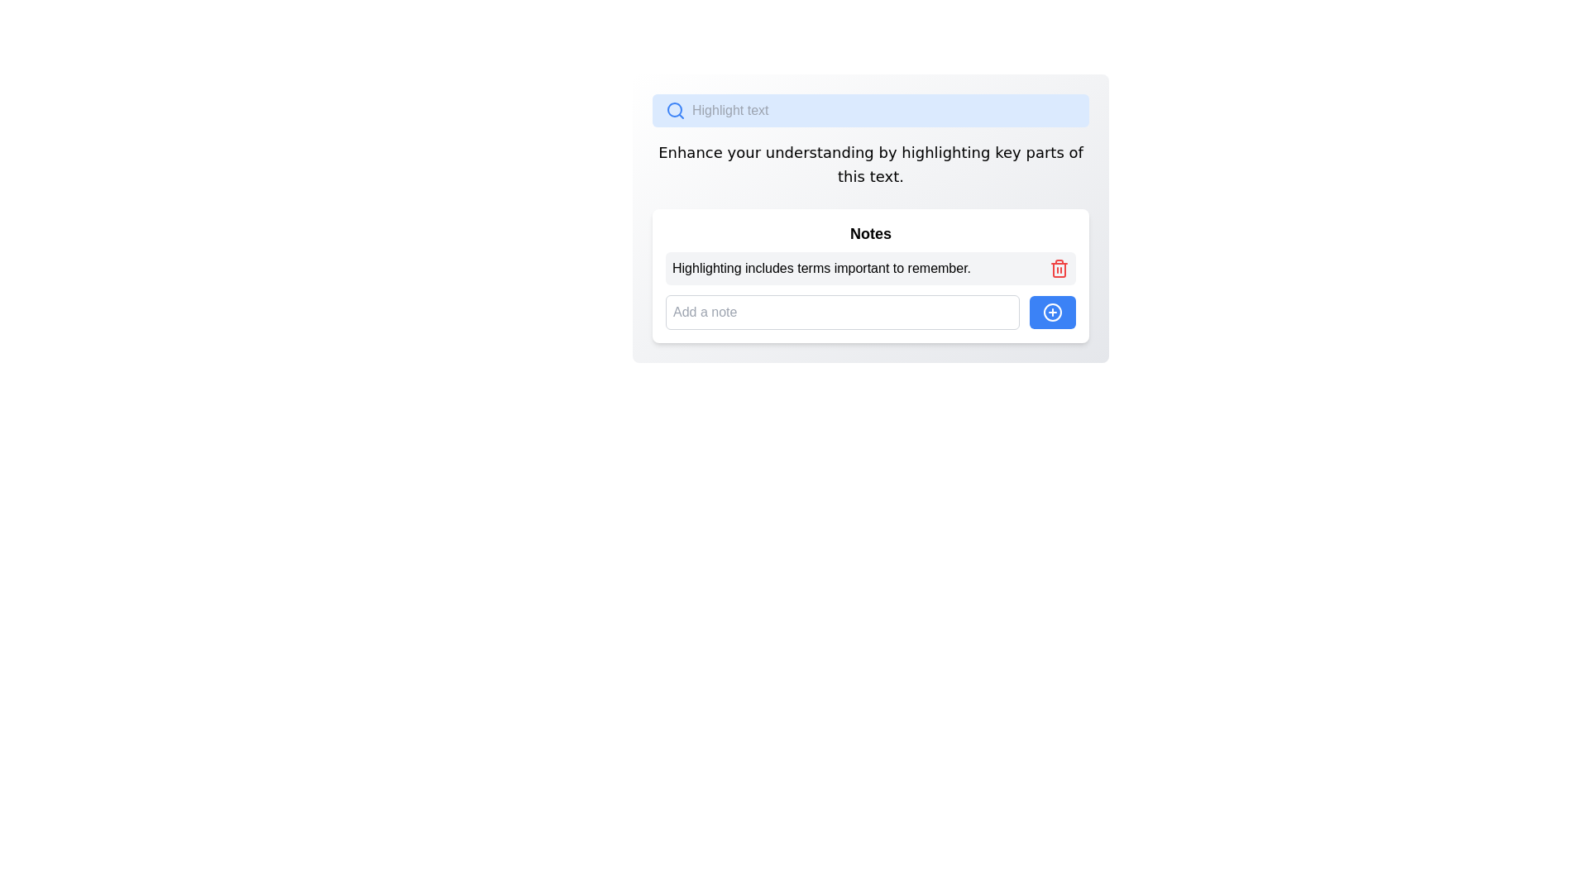 The image size is (1588, 893). Describe the element at coordinates (691, 152) in the screenshot. I see `the lowercase letter 'a' in the word 'Enhance' within the text block that reads 'Enhance your understanding by highlighting key parts of this text.'` at that location.